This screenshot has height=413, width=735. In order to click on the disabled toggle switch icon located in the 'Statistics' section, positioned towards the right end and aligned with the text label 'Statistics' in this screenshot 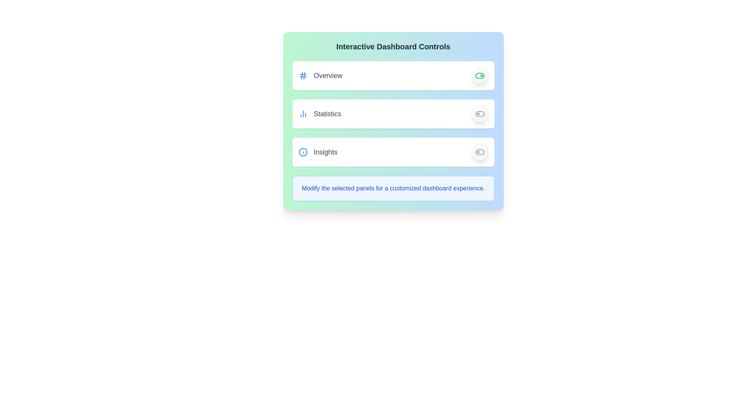, I will do `click(479, 114)`.